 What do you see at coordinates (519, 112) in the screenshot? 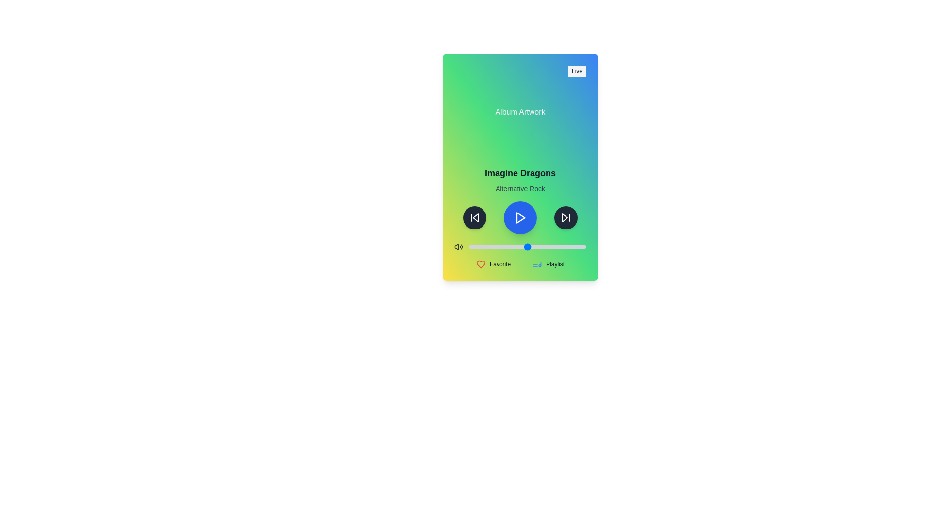
I see `text label that denotes the content as 'Album Artwork', located centrally above the 'Imagine Dragons' text and below the 'Live' tag` at bounding box center [519, 112].